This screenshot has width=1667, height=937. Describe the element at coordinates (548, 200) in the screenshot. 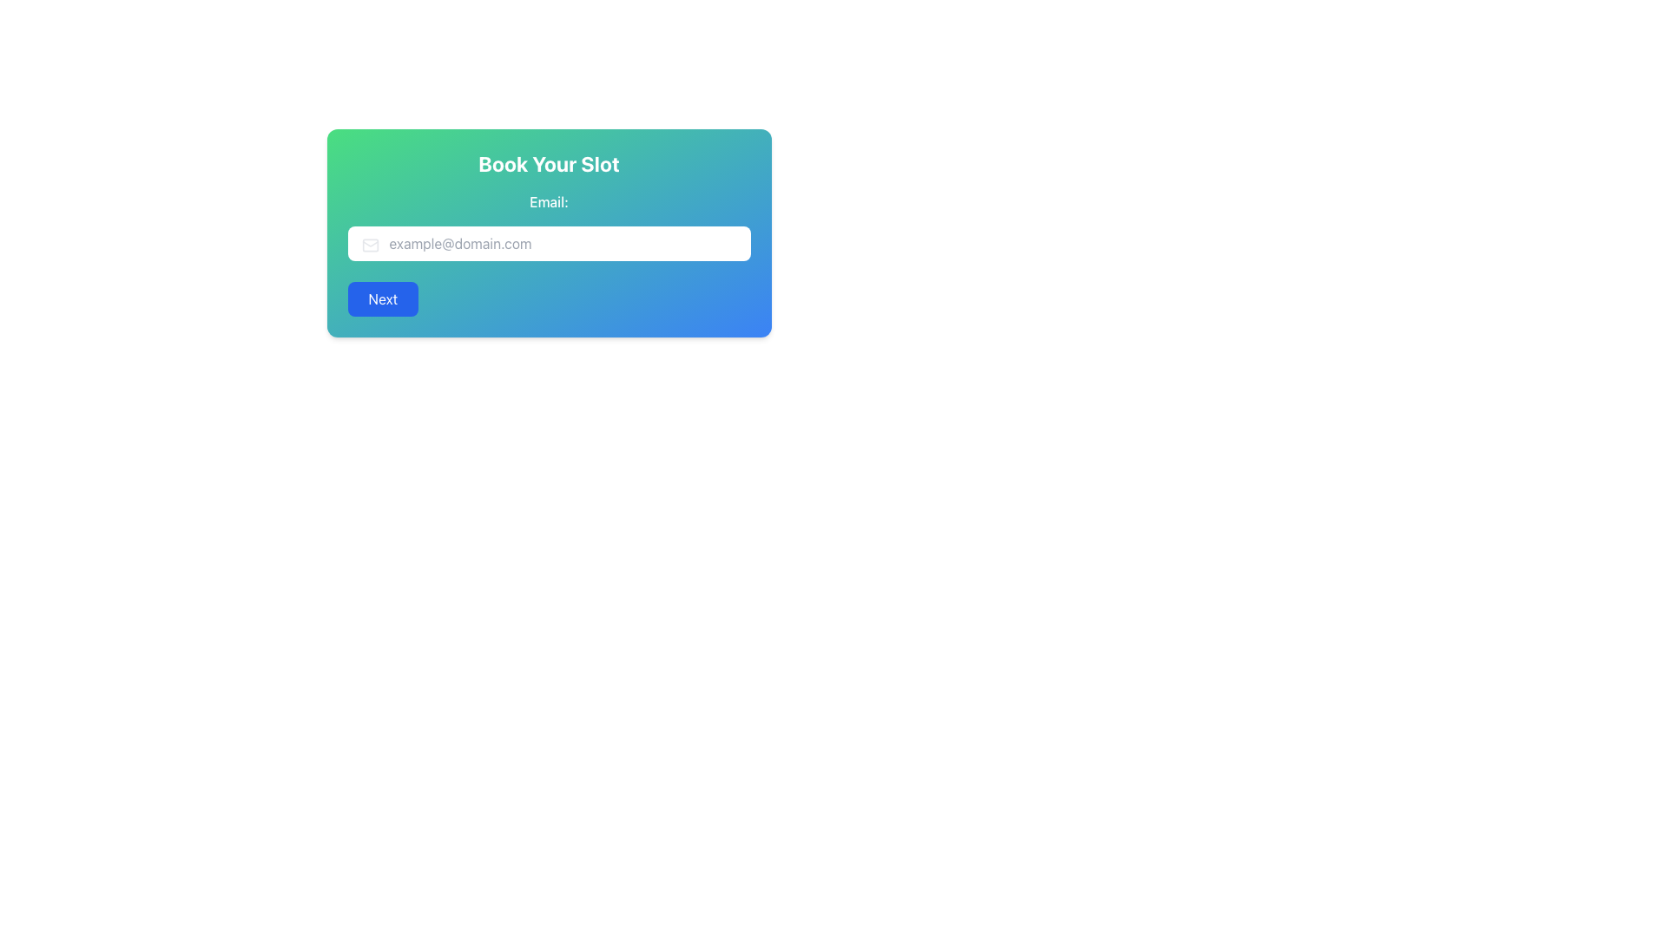

I see `the Label element displaying 'Email:' which is styled in white color and positioned above the email input field` at that location.